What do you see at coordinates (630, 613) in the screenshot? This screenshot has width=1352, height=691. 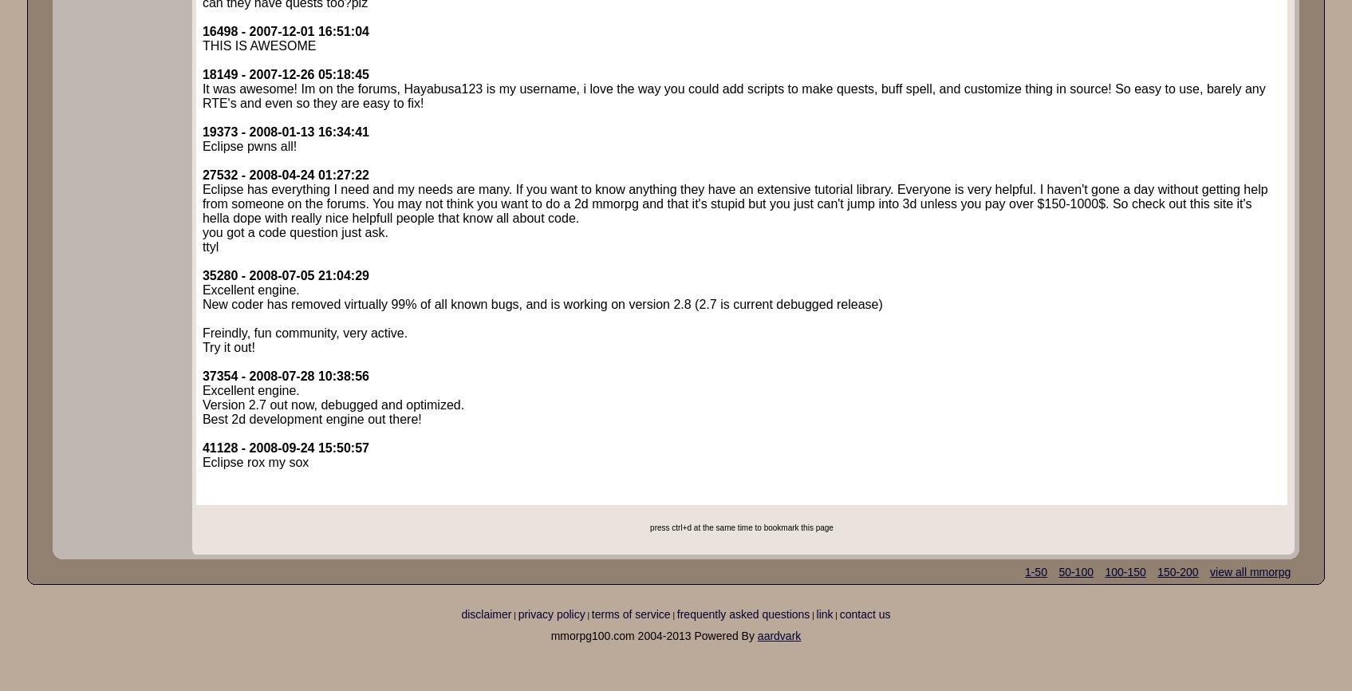 I see `'terms of service'` at bounding box center [630, 613].